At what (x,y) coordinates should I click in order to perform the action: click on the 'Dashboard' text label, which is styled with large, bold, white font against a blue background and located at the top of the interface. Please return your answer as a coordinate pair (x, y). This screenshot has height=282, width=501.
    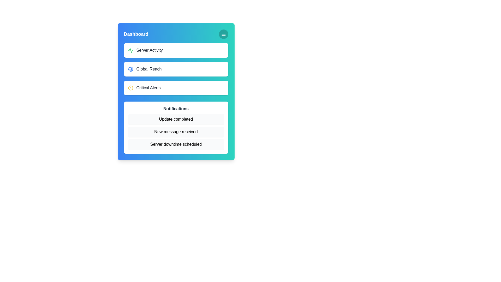
    Looking at the image, I should click on (136, 34).